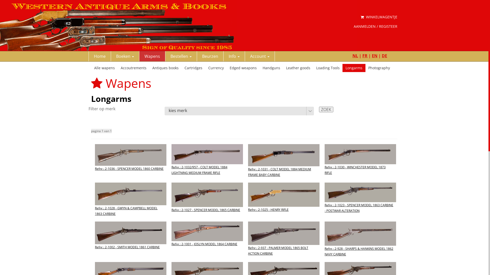 Image resolution: width=490 pixels, height=275 pixels. What do you see at coordinates (298, 67) in the screenshot?
I see `'Leather goods'` at bounding box center [298, 67].